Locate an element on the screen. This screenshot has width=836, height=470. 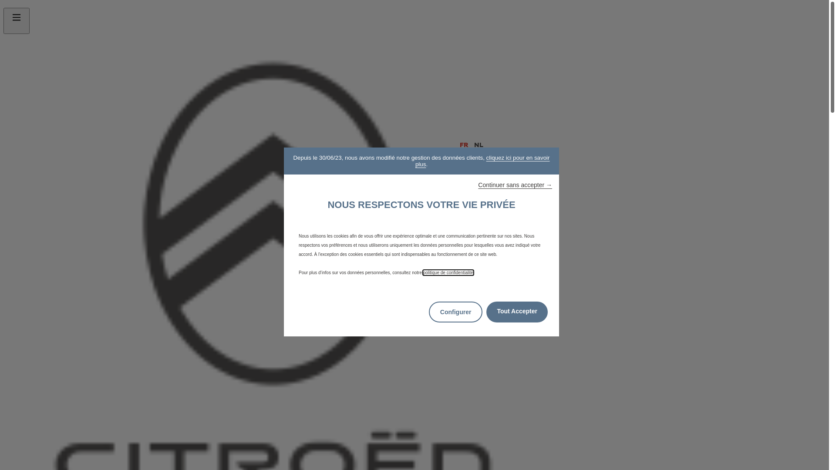
'NL' is located at coordinates (478, 144).